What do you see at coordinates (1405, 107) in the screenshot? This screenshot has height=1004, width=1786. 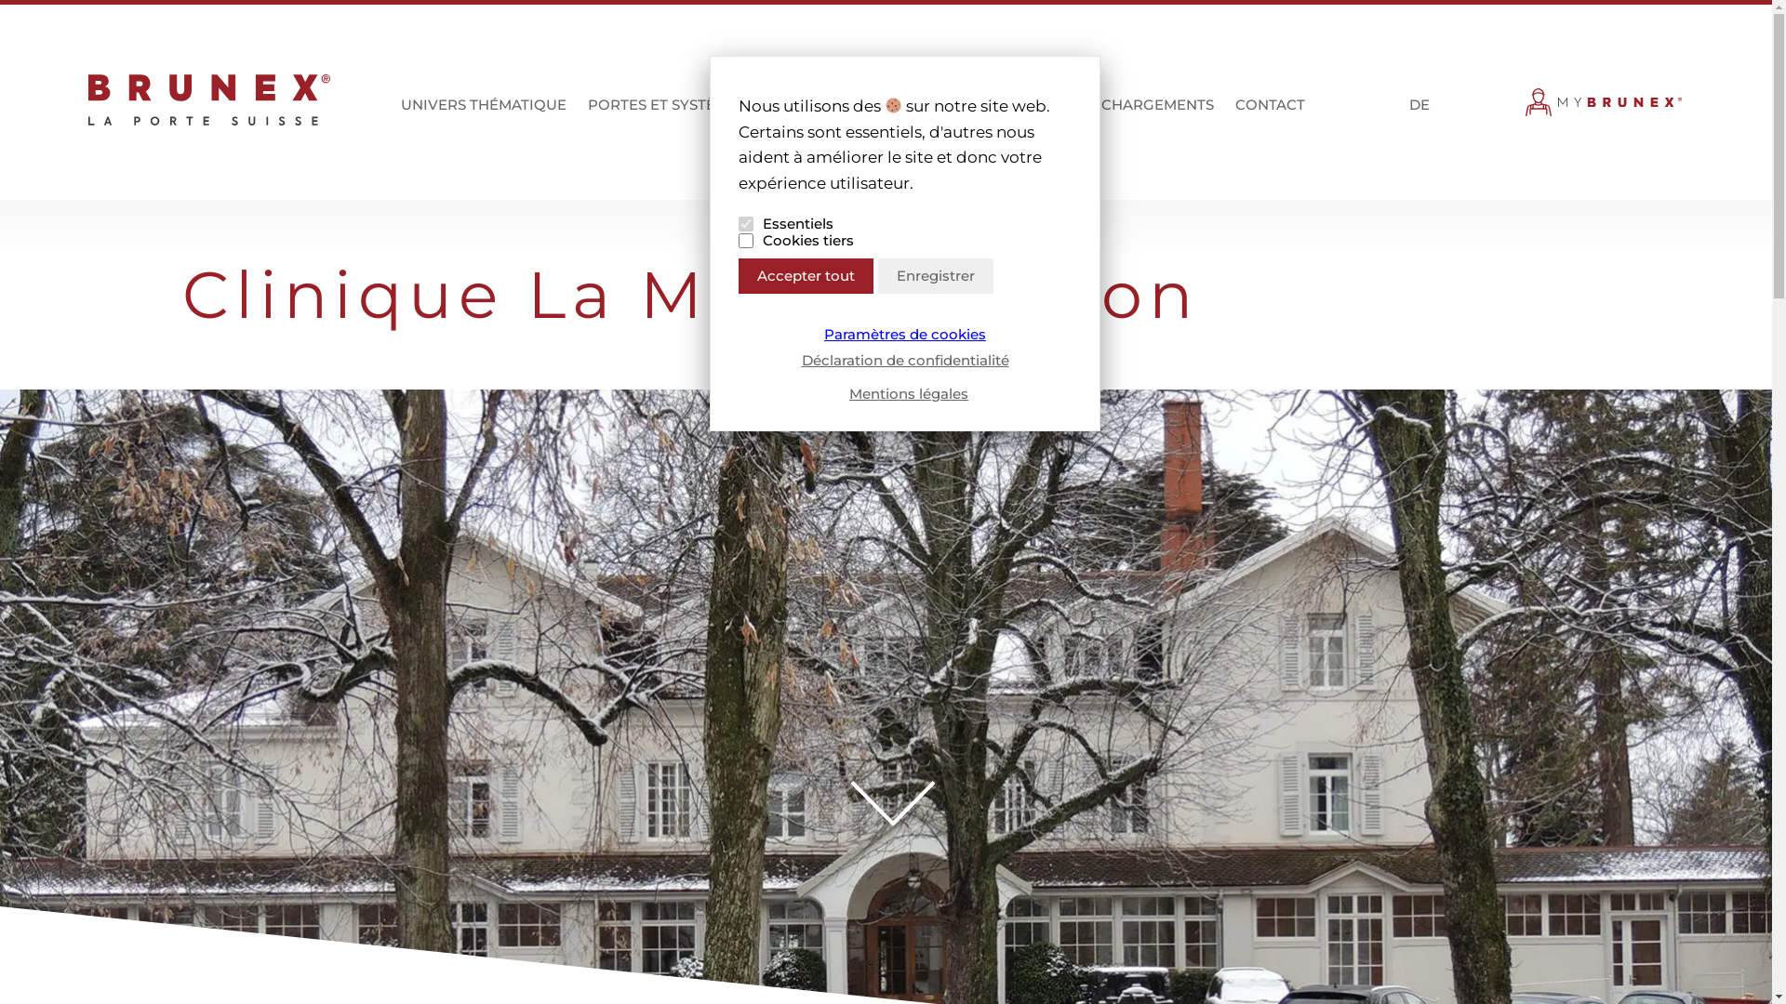 I see `'DE'` at bounding box center [1405, 107].